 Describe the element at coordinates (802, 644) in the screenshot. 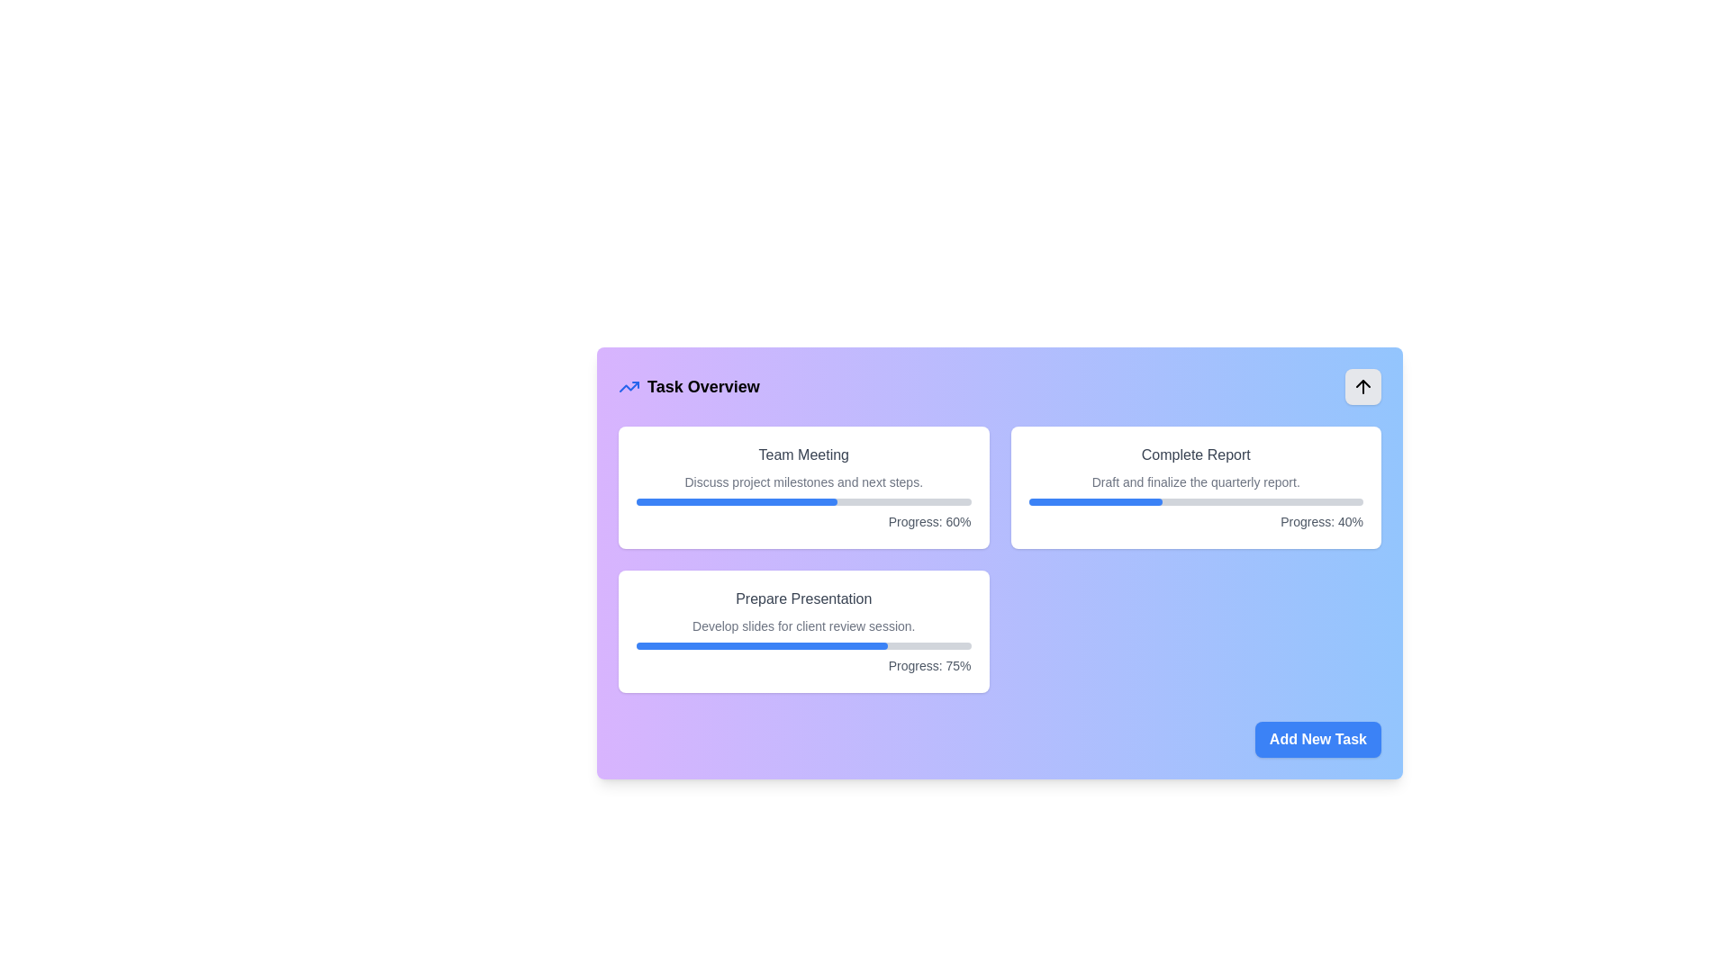

I see `the progress bar indicating 75% progress, which is located within the 'Prepare Presentation' task card, beneath the description text and above the 'Progress: 75%' label` at that location.